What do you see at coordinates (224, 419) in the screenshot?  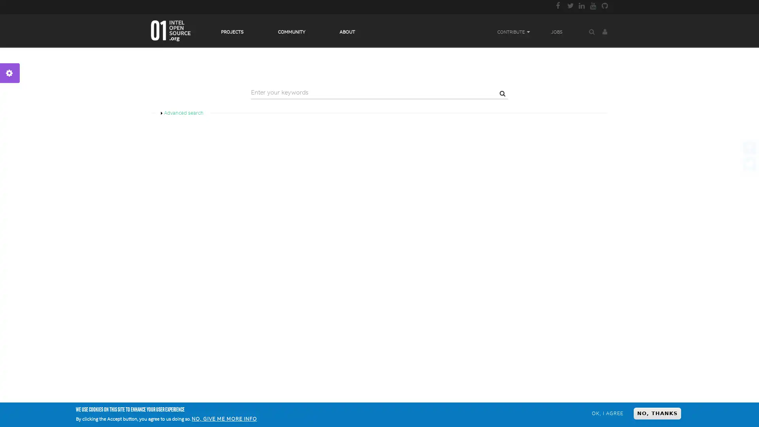 I see `NO, GIVE ME MORE INFO` at bounding box center [224, 419].